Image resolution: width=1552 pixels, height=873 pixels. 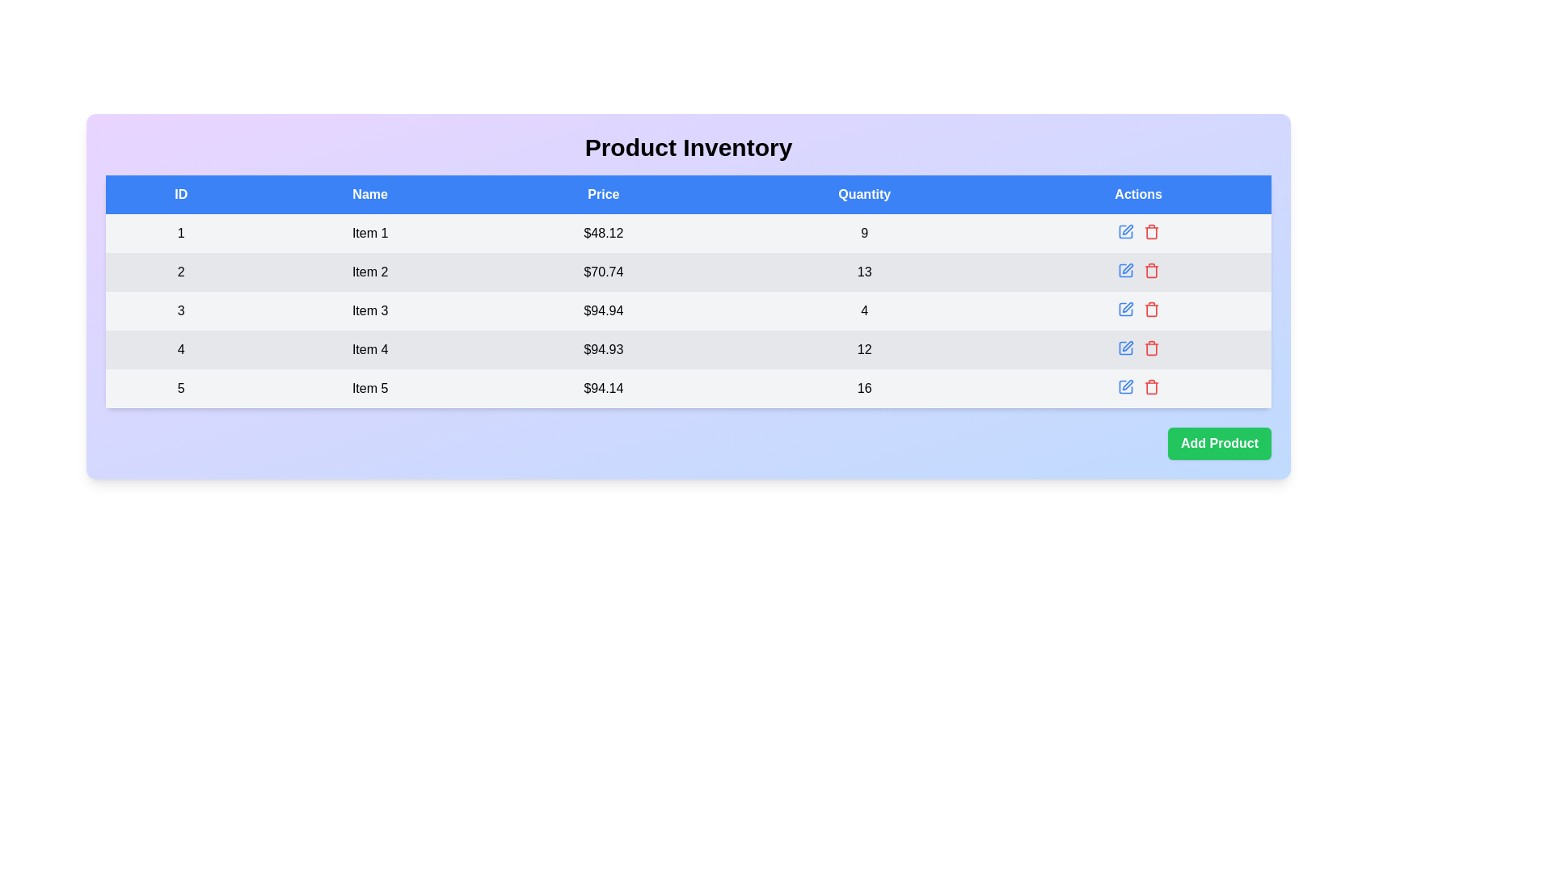 What do you see at coordinates (863, 271) in the screenshot?
I see `the Text cell displaying the number '13' in the fourth column of the second row under the 'Quantity' header in the 'Product Inventory' table` at bounding box center [863, 271].